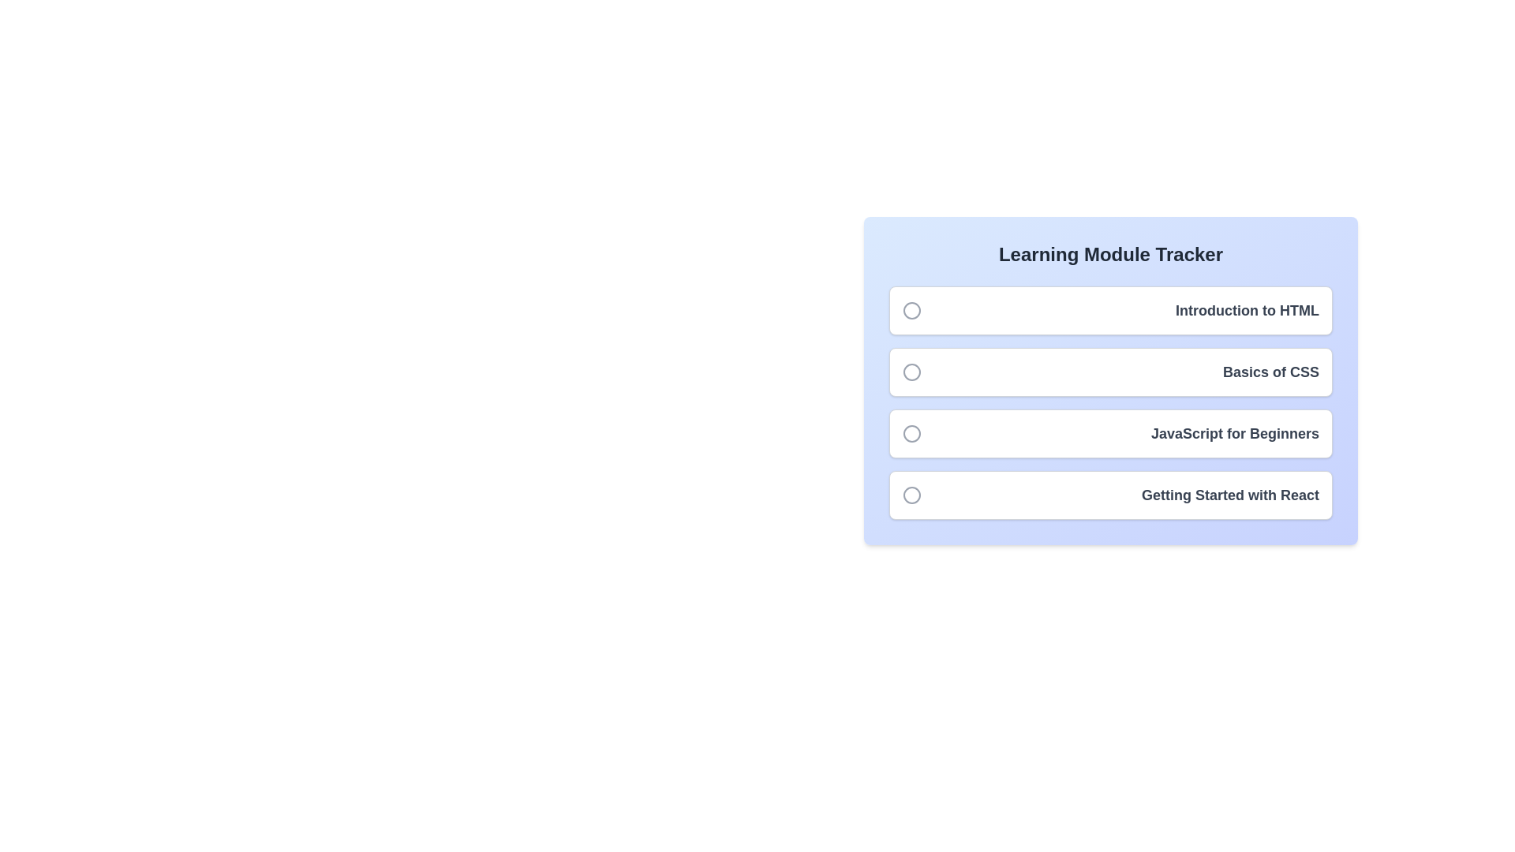 The image size is (1515, 852). Describe the element at coordinates (1109, 310) in the screenshot. I see `the circular button of the 'Introduction to HTML' module in the Learning Module Tracker` at that location.